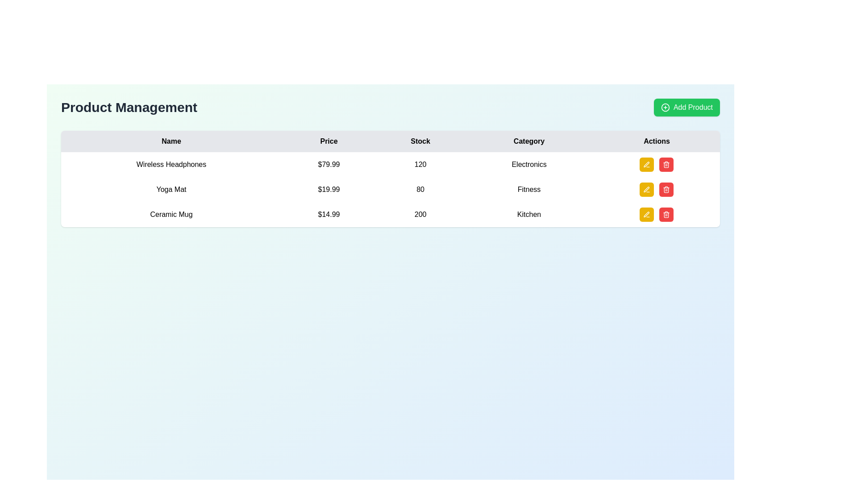 The width and height of the screenshot is (857, 482). What do you see at coordinates (665, 107) in the screenshot?
I see `the circular SVG graphical element located inside the 'Add Product' button's left-hand graphical icon, which features a '+' symbol` at bounding box center [665, 107].